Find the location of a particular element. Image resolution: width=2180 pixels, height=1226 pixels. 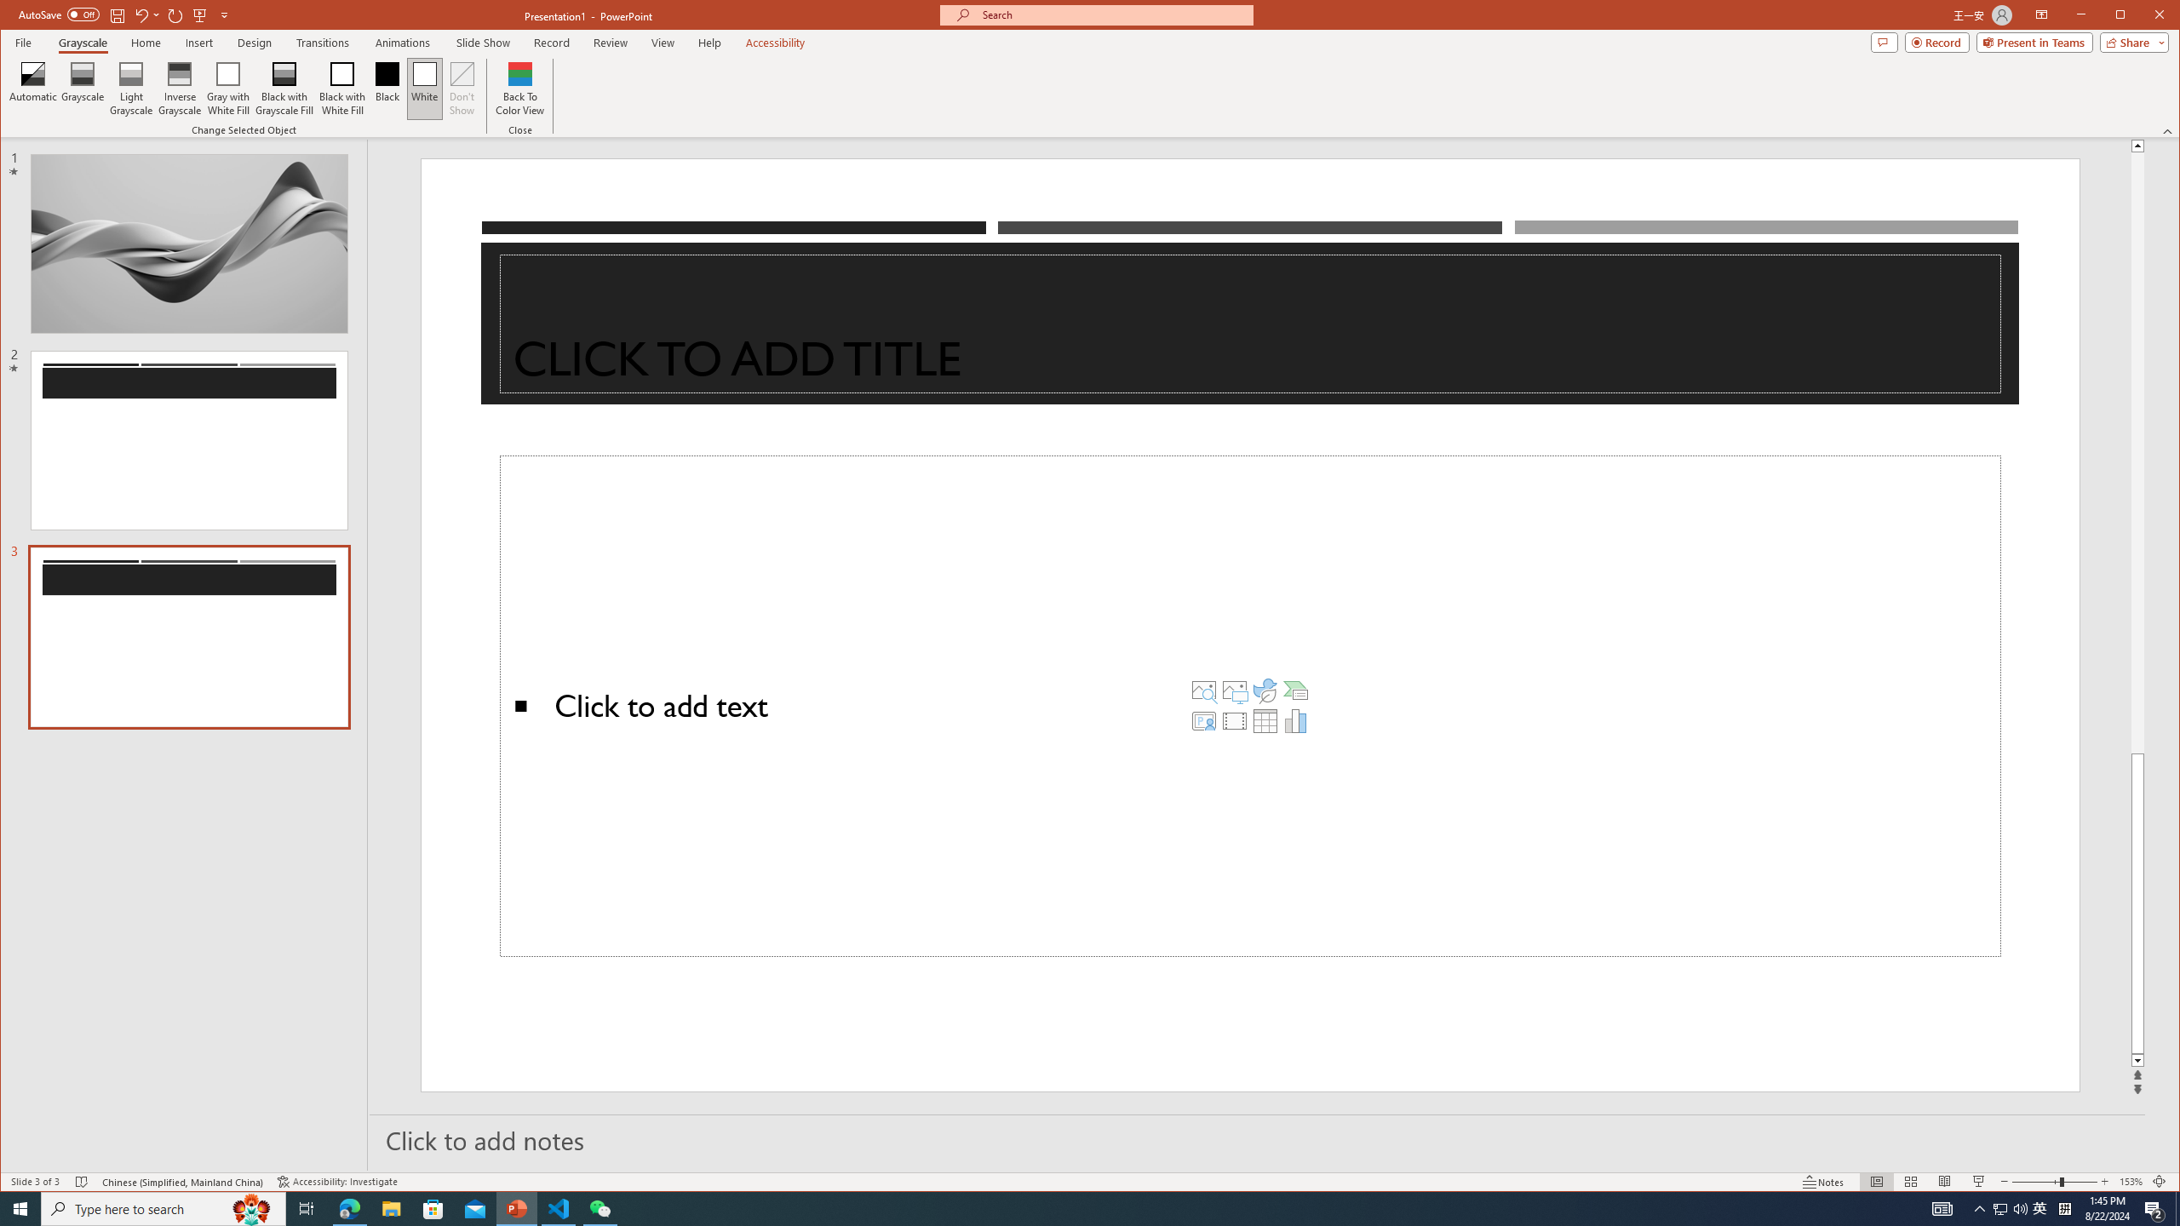

'Insert Video' is located at coordinates (1235, 720).